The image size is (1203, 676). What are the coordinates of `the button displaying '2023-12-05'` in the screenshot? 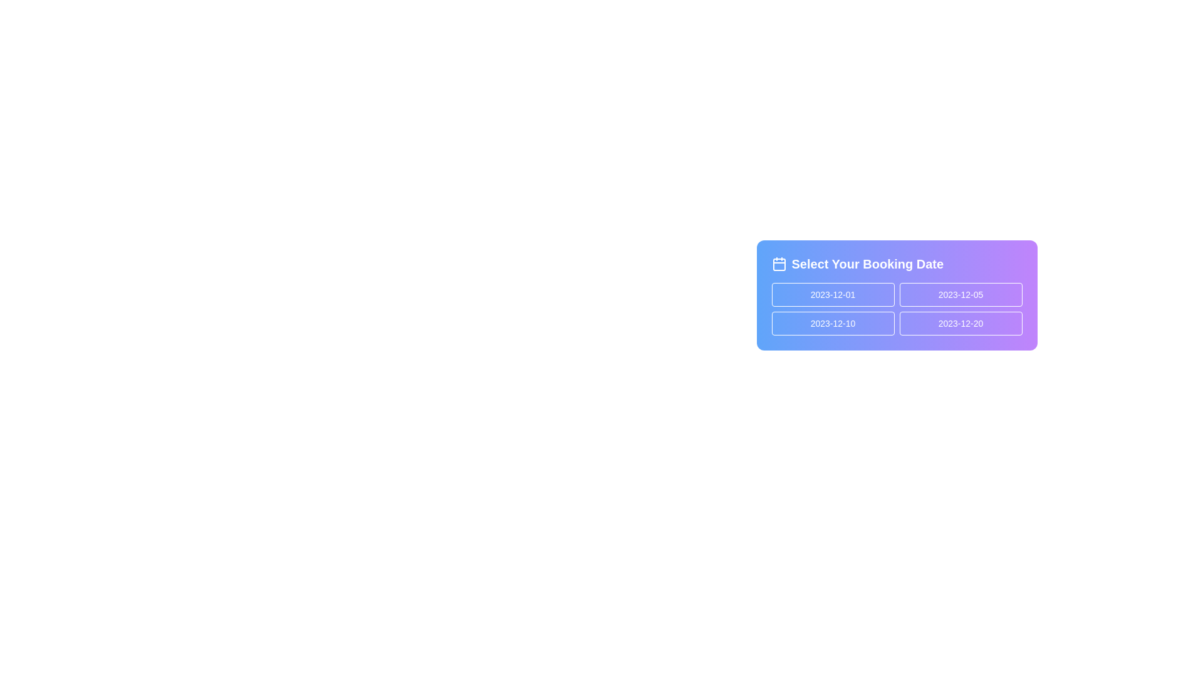 It's located at (960, 294).